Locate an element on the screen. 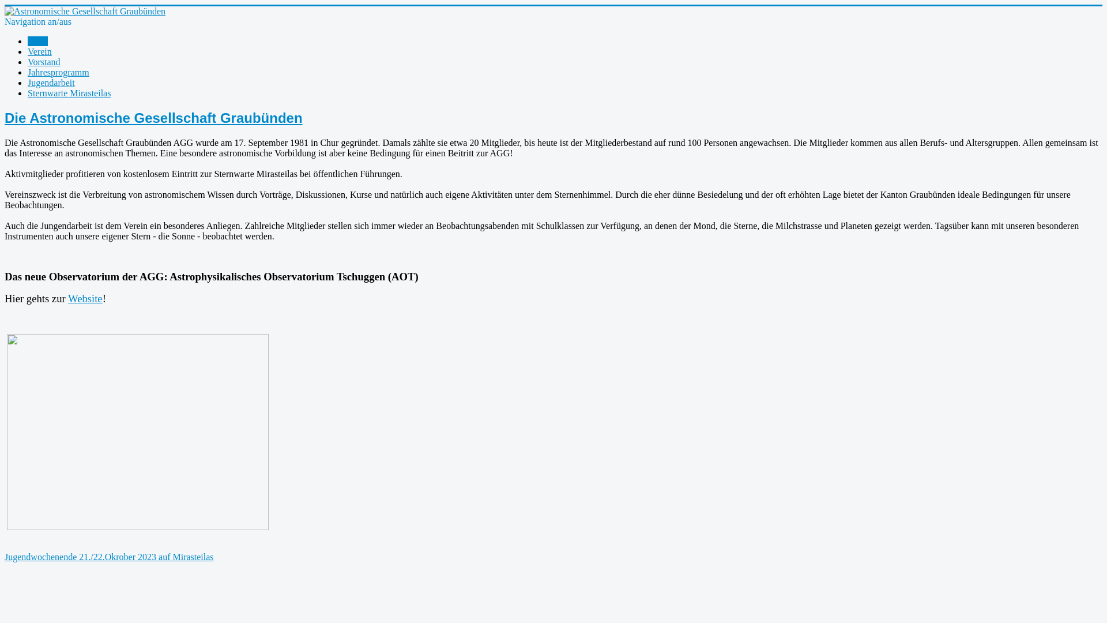 This screenshot has height=623, width=1107. 'Jahresprogramm' is located at coordinates (58, 72).